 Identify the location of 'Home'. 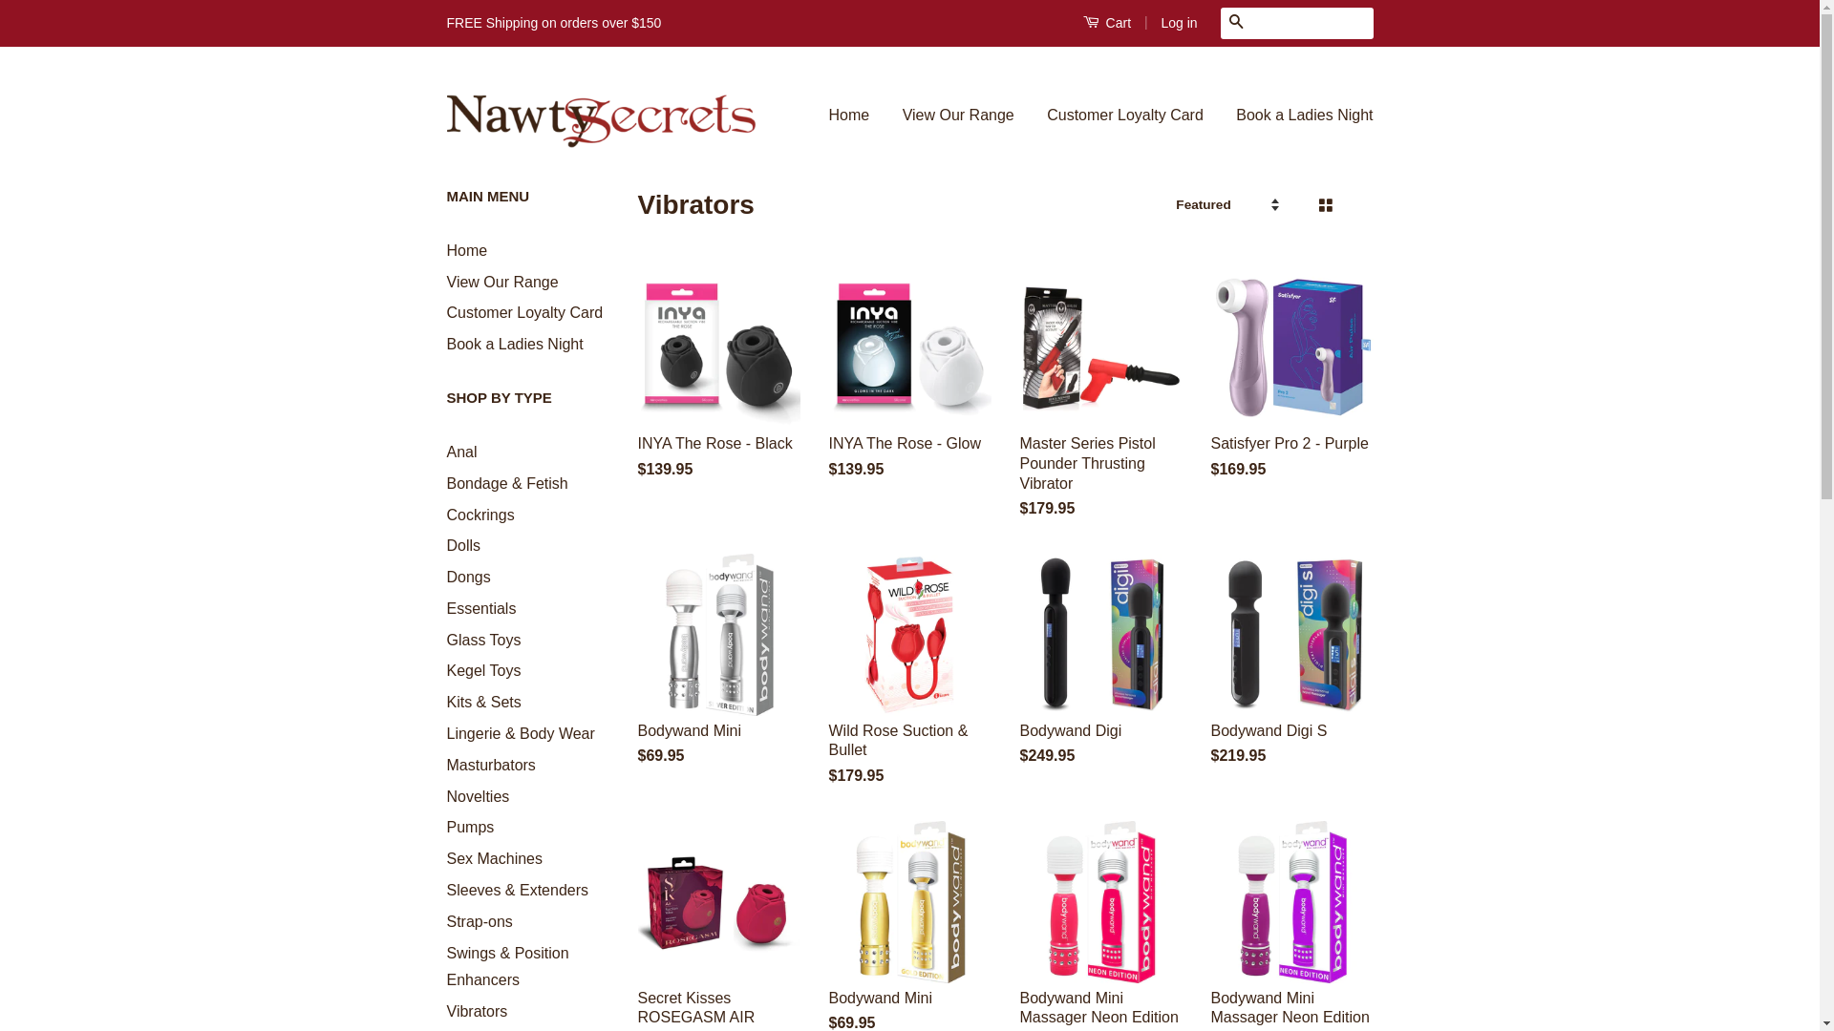
(856, 116).